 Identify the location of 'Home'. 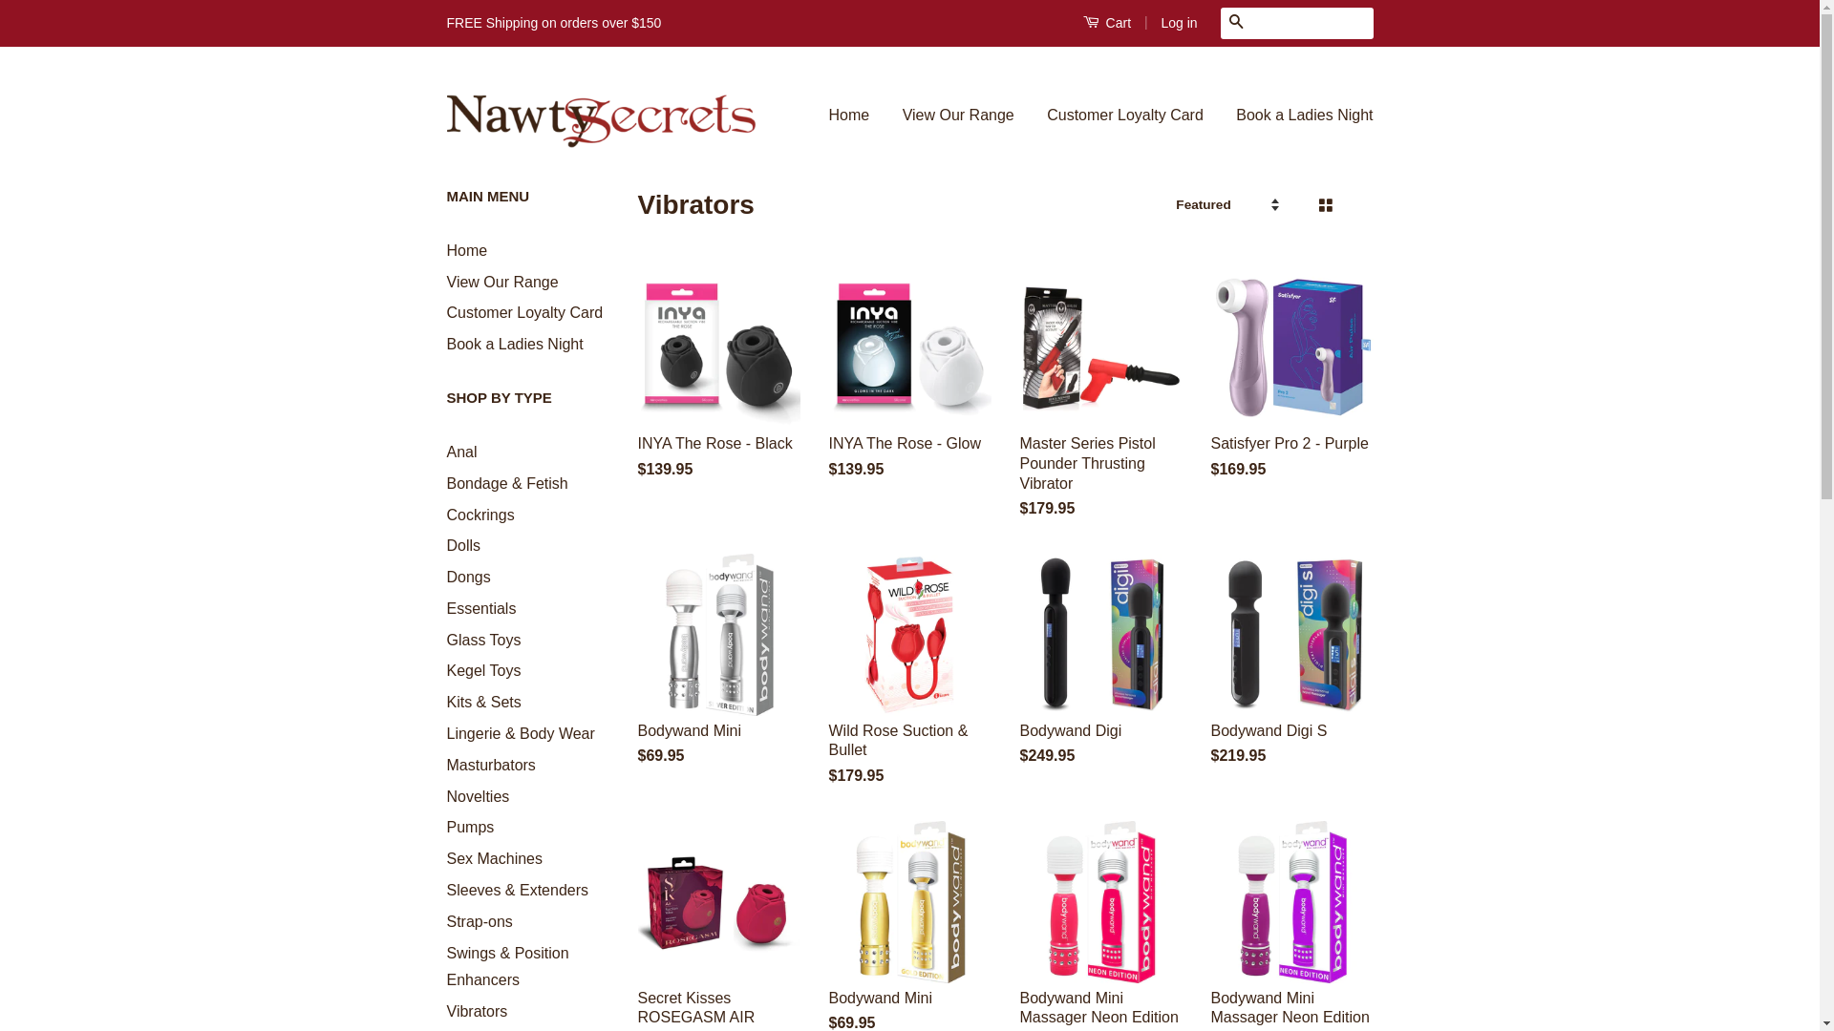
(856, 116).